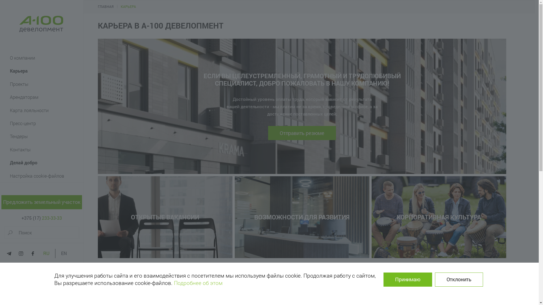  I want to click on '+375 (17) 233-33-33', so click(41, 217).